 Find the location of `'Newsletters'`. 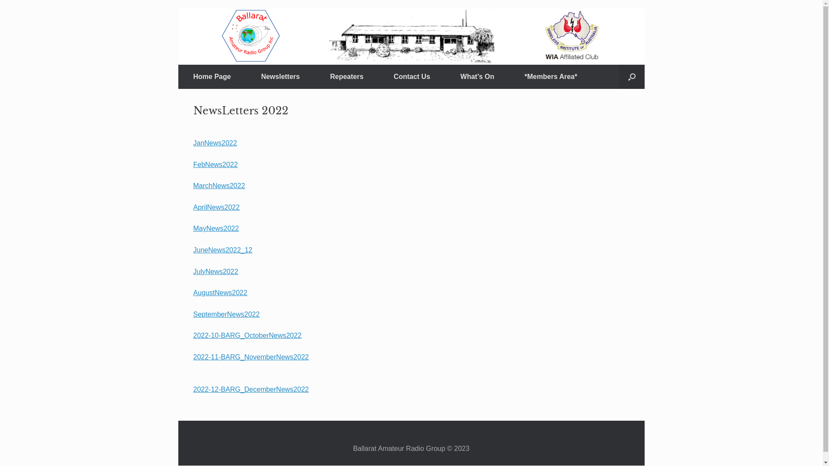

'Newsletters' is located at coordinates (280, 76).